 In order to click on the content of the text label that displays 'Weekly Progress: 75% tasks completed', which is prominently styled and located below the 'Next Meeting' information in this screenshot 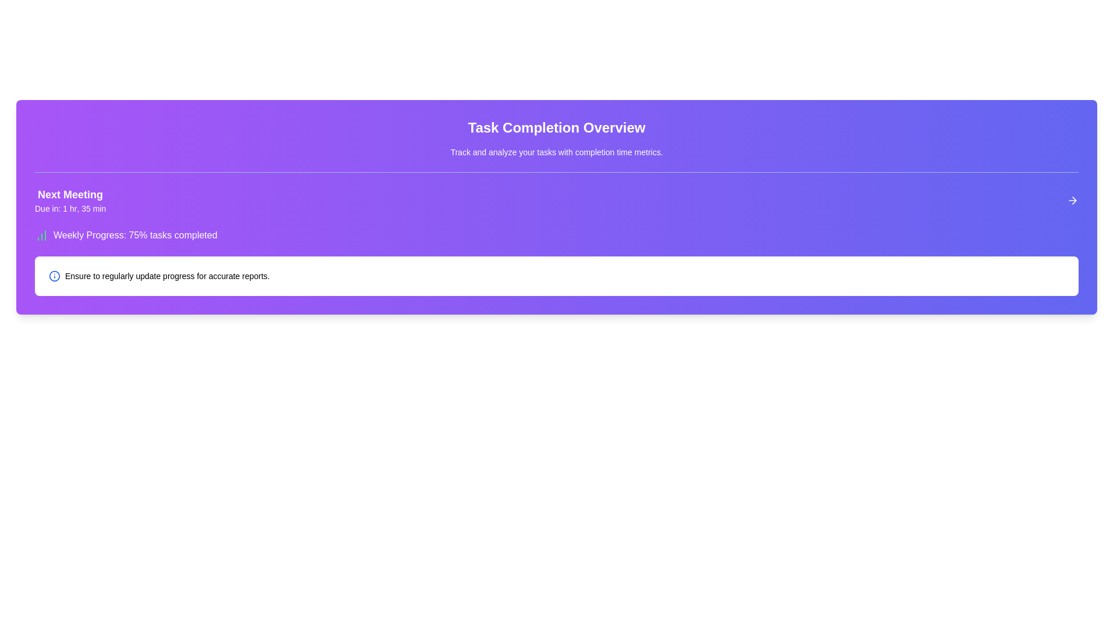, I will do `click(135, 235)`.